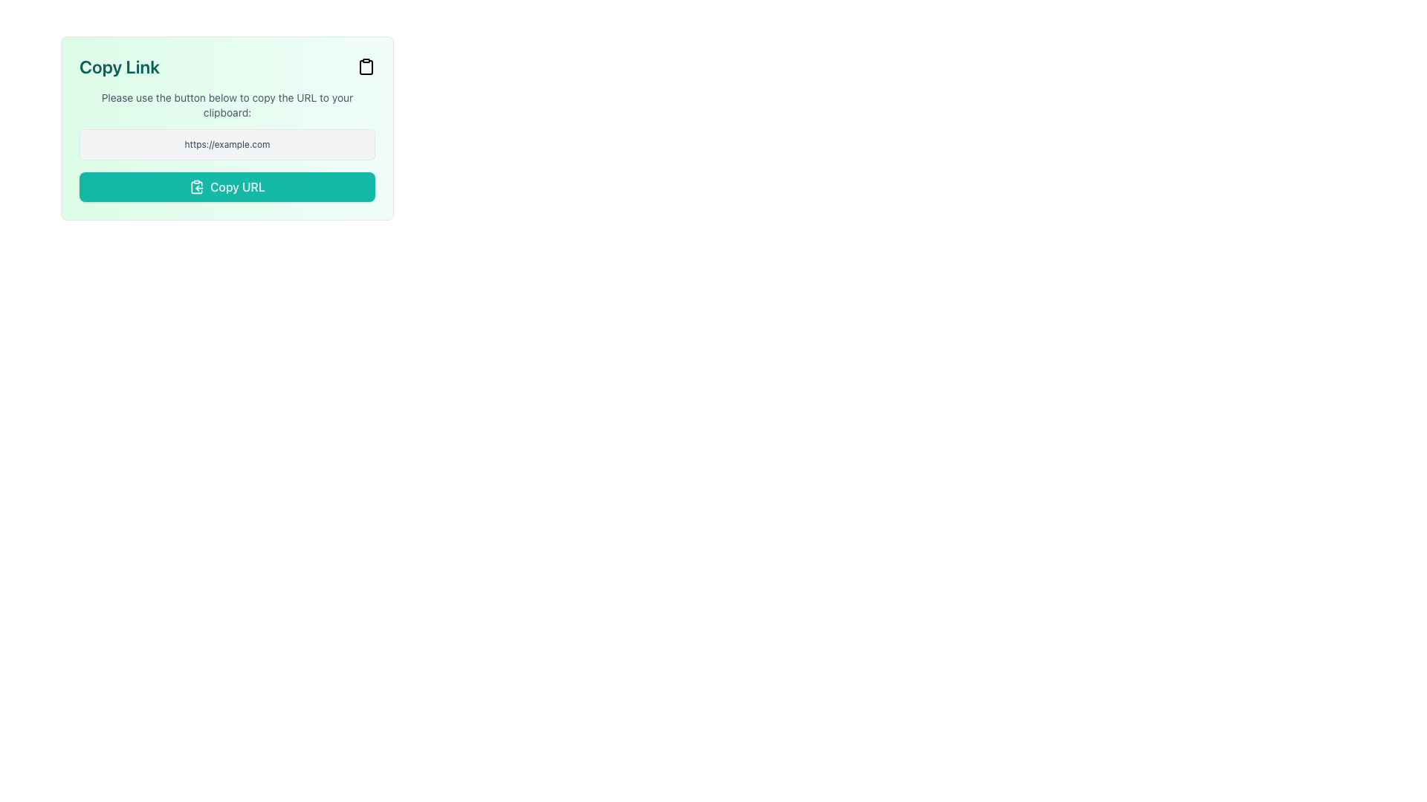 The height and width of the screenshot is (802, 1427). Describe the element at coordinates (196, 186) in the screenshot. I see `the icon located to the left of the 'Copy URL' button, which serves as a visual indicator for copying the displayed URL` at that location.